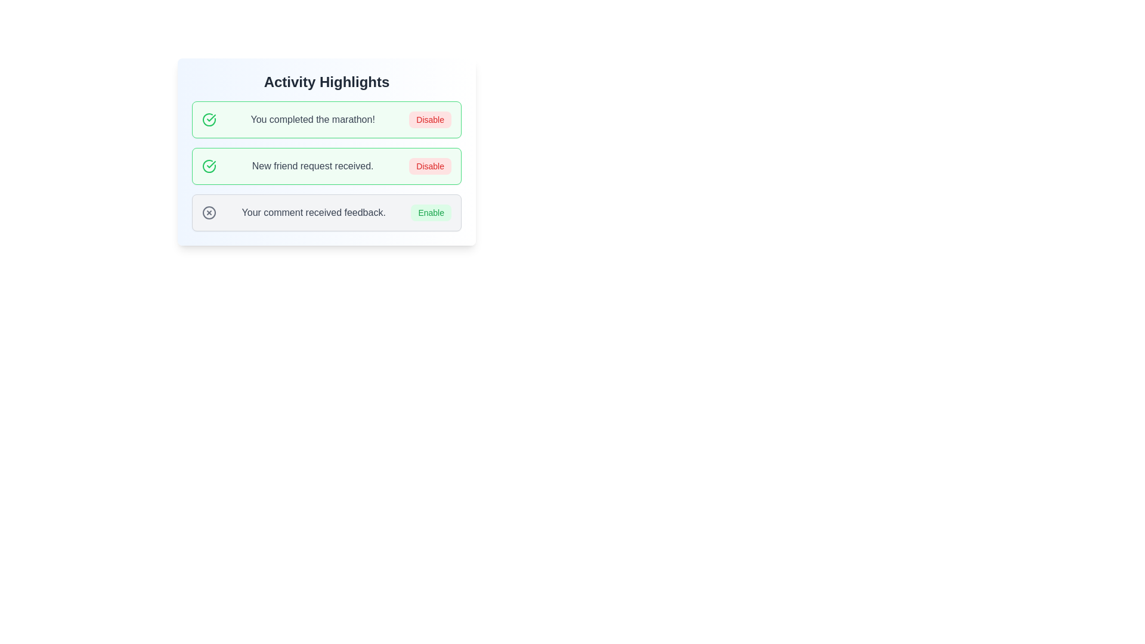 This screenshot has height=644, width=1145. I want to click on the completion indicator icon located at the leftmost position of the row within the box that contains the text 'You completed the marathon!' and the 'Disable' button, which is the first box under the title 'Activity Highlights.', so click(209, 119).